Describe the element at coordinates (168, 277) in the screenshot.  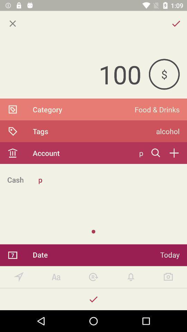
I see `camera mode` at that location.